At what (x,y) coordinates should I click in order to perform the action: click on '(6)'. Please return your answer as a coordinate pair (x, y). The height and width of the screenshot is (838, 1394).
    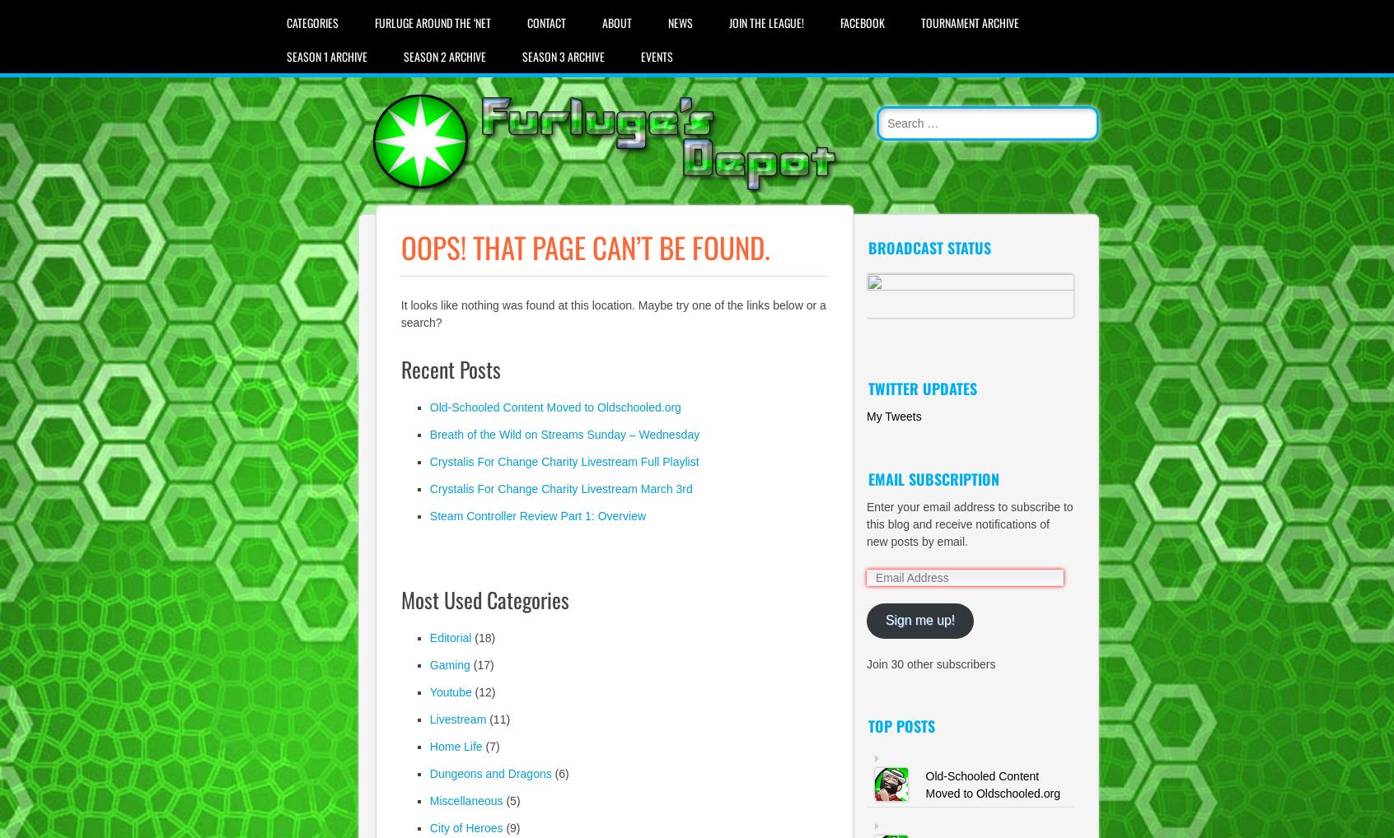
    Looking at the image, I should click on (559, 772).